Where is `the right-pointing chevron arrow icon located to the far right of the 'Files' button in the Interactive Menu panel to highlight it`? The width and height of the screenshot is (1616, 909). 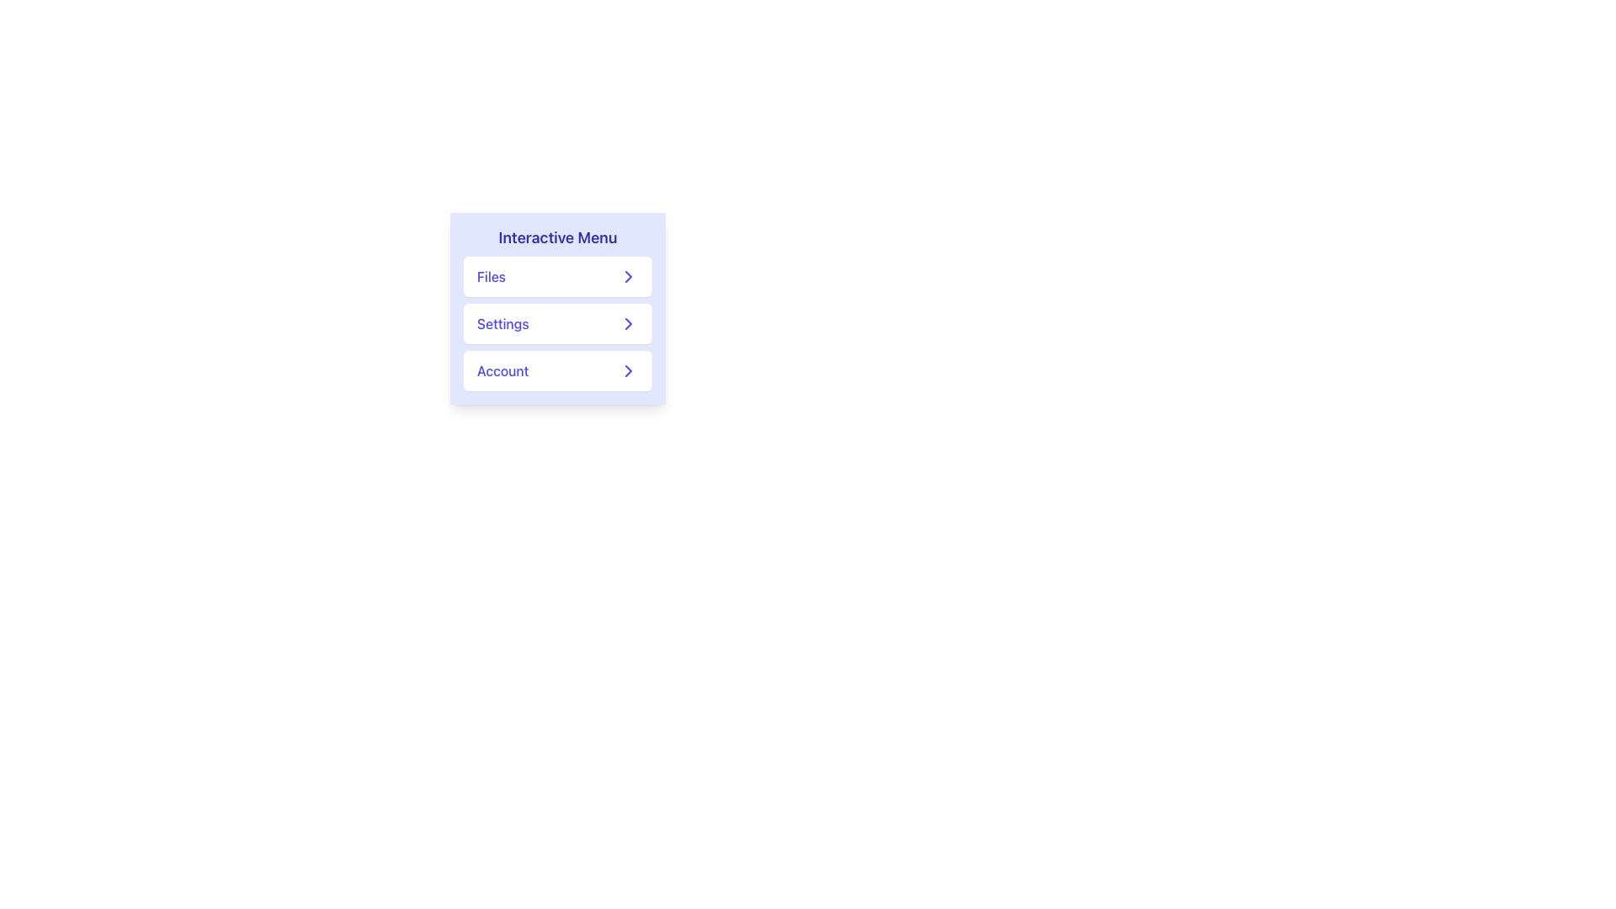
the right-pointing chevron arrow icon located to the far right of the 'Files' button in the Interactive Menu panel to highlight it is located at coordinates (628, 275).